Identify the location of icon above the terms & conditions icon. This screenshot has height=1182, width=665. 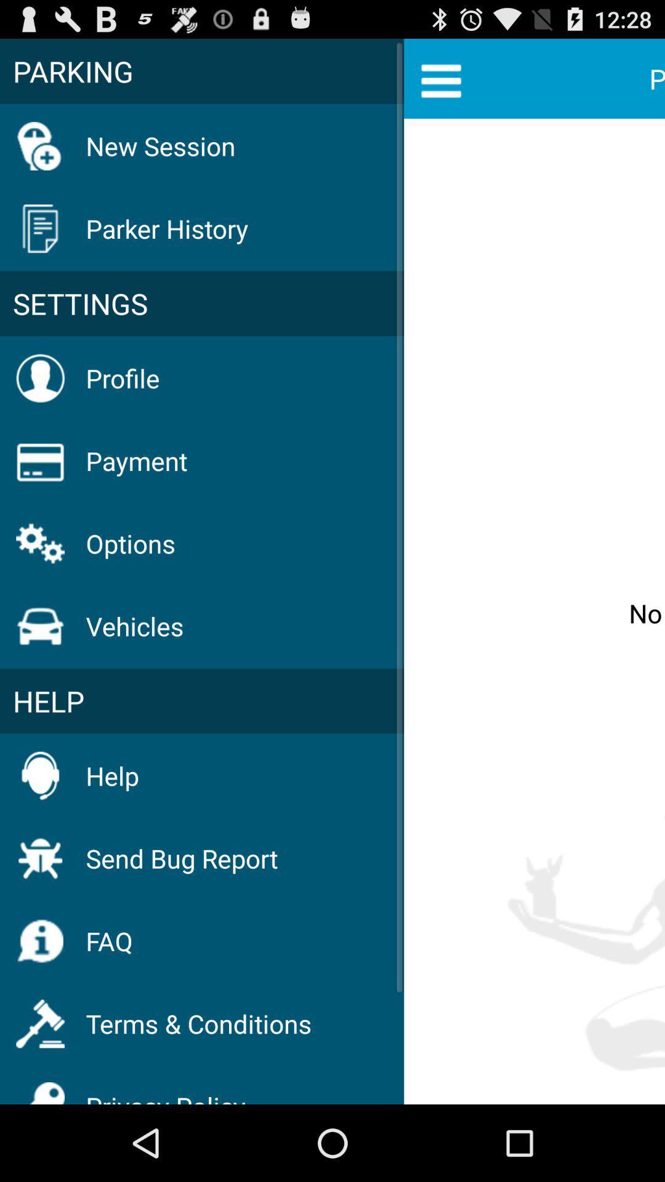
(108, 940).